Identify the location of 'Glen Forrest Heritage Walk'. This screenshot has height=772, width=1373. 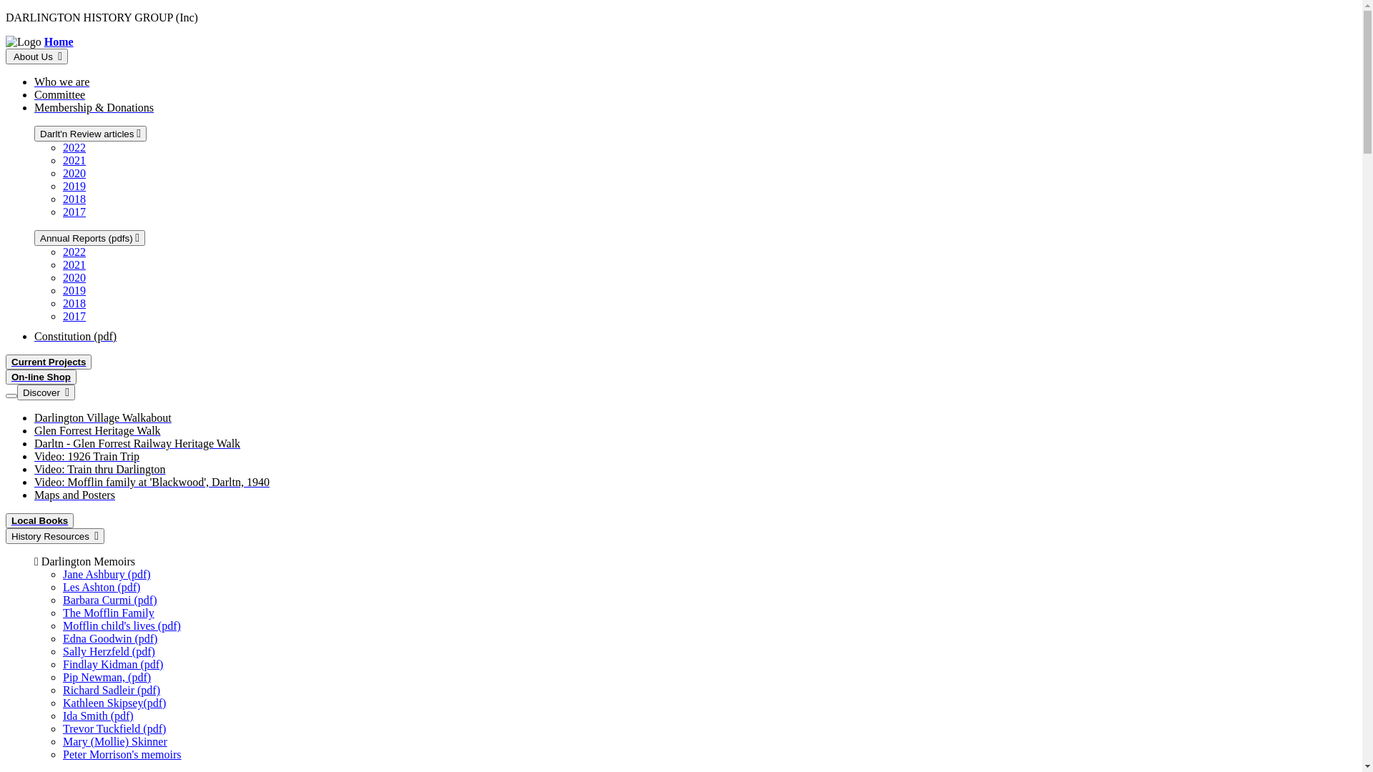
(97, 430).